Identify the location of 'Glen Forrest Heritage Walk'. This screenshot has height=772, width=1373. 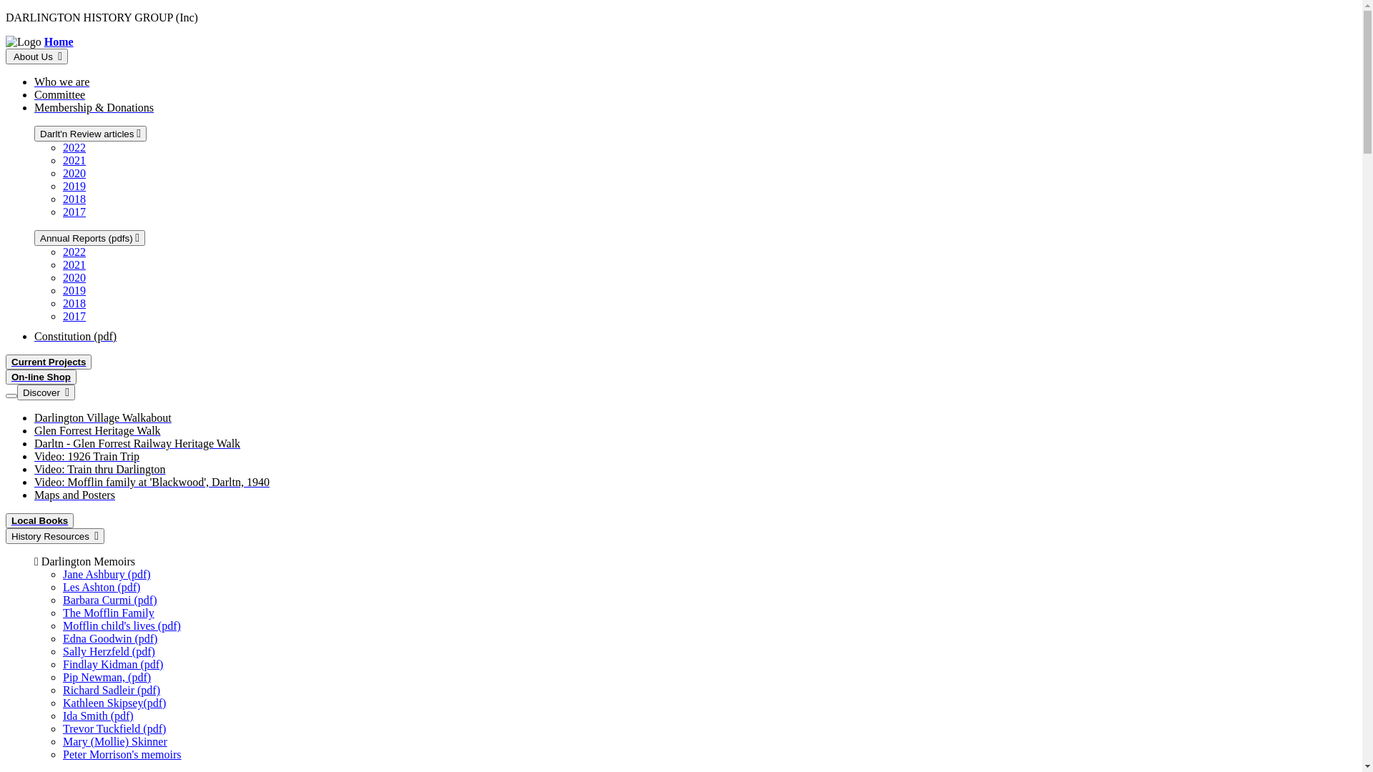
(97, 430).